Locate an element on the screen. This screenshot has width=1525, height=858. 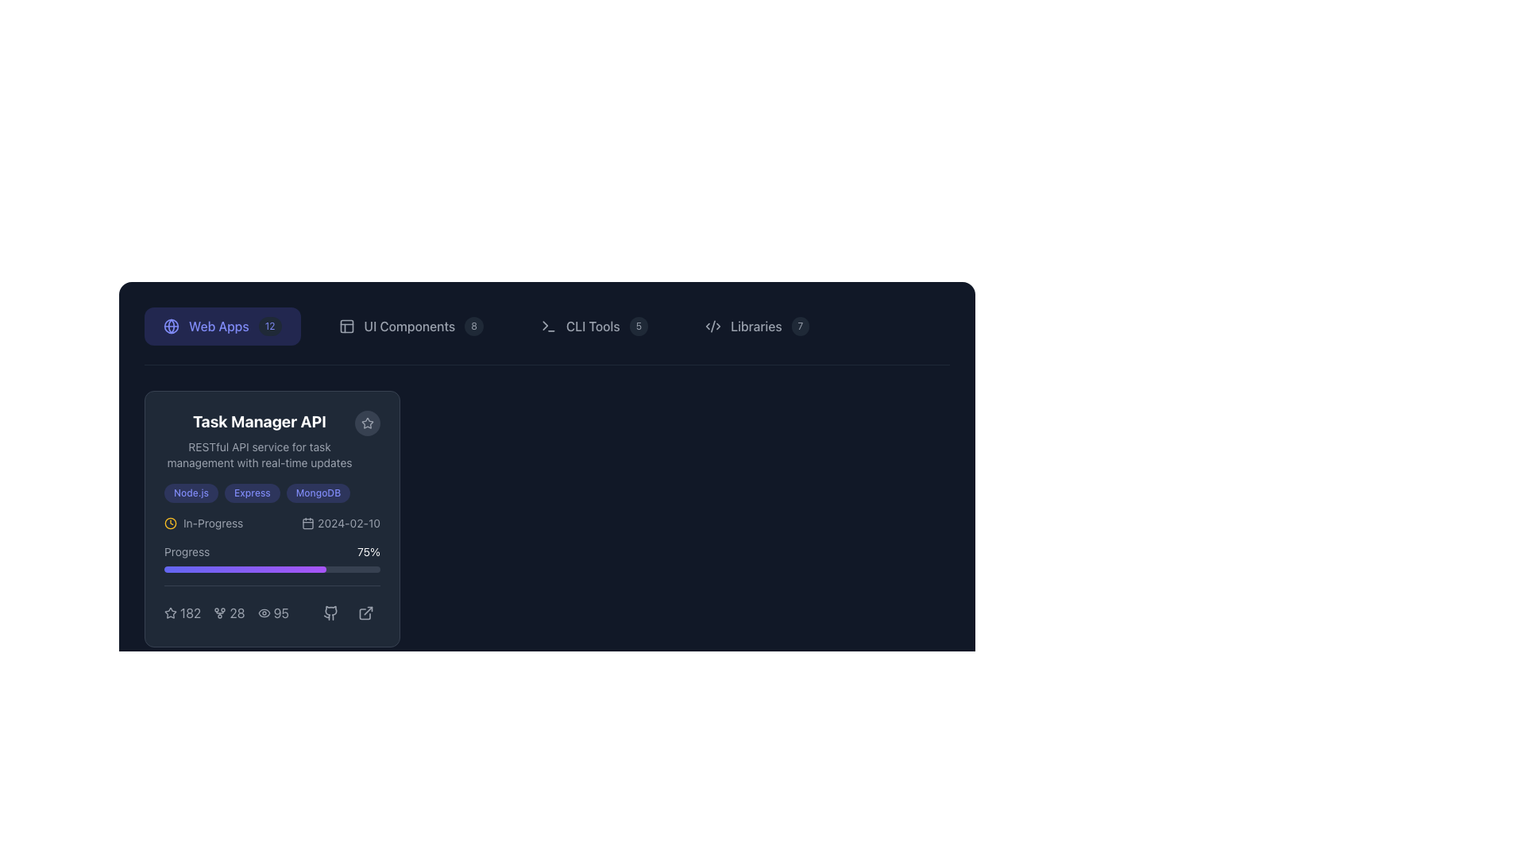
the filled progress bar indicator located within the 'Task Manager API' card, which visually indicates a 75% progress level is located at coordinates (244, 569).